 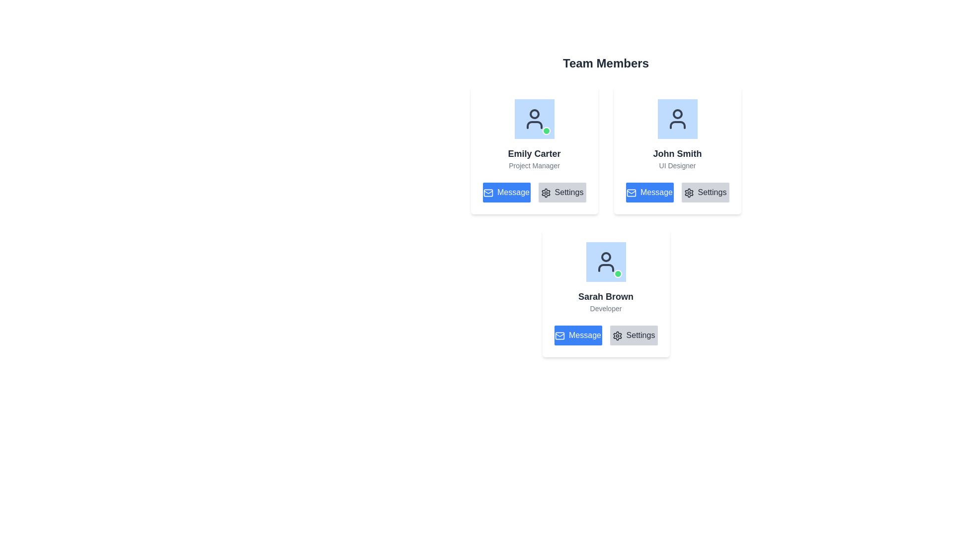 What do you see at coordinates (605, 262) in the screenshot?
I see `the profile image for 'Sarah Brown - Developer', which is located at the top of her profile card` at bounding box center [605, 262].